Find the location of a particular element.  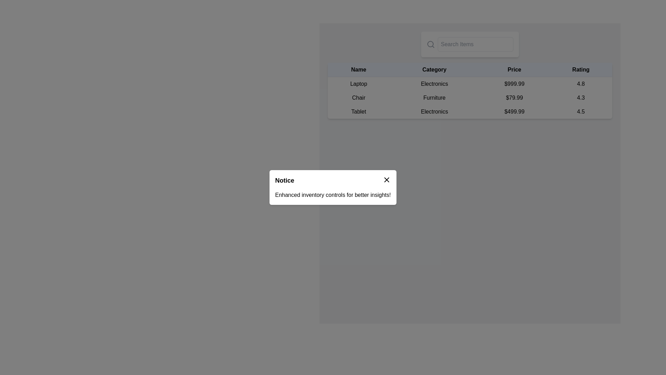

the stylized 'X' icon in the top-right corner of the notification interface is located at coordinates (386, 179).